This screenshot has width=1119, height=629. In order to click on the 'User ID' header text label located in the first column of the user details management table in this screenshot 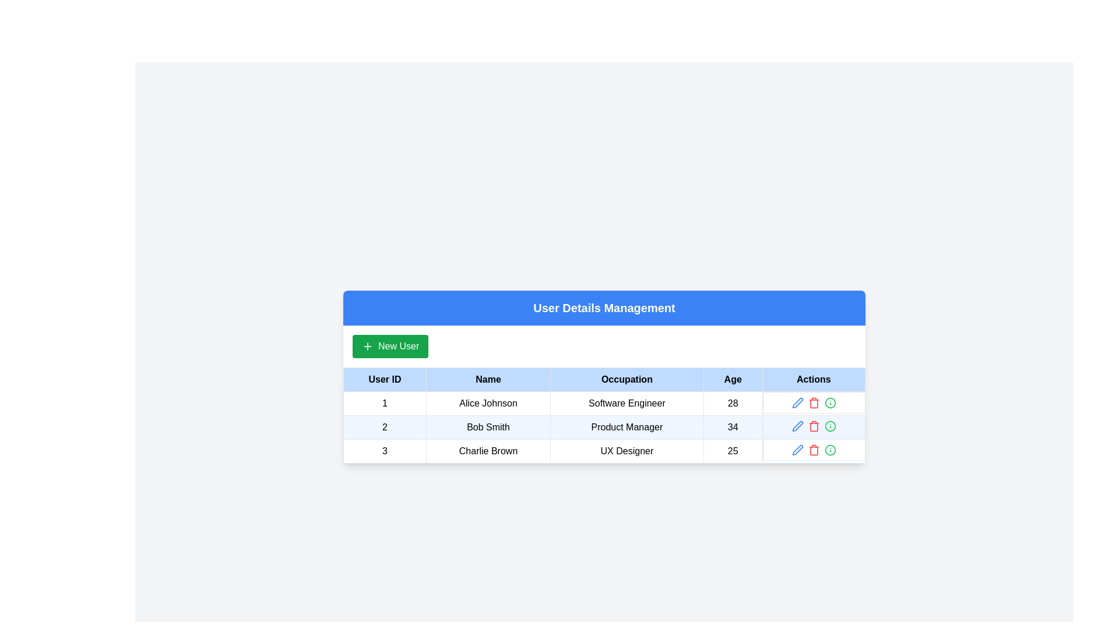, I will do `click(385, 379)`.